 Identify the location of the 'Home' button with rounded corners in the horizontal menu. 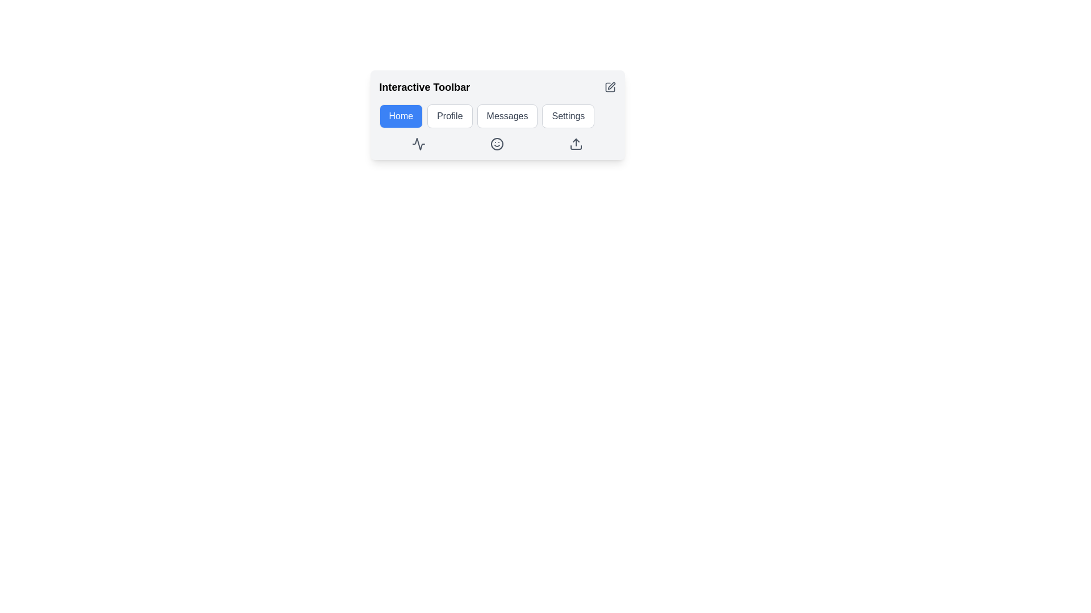
(401, 116).